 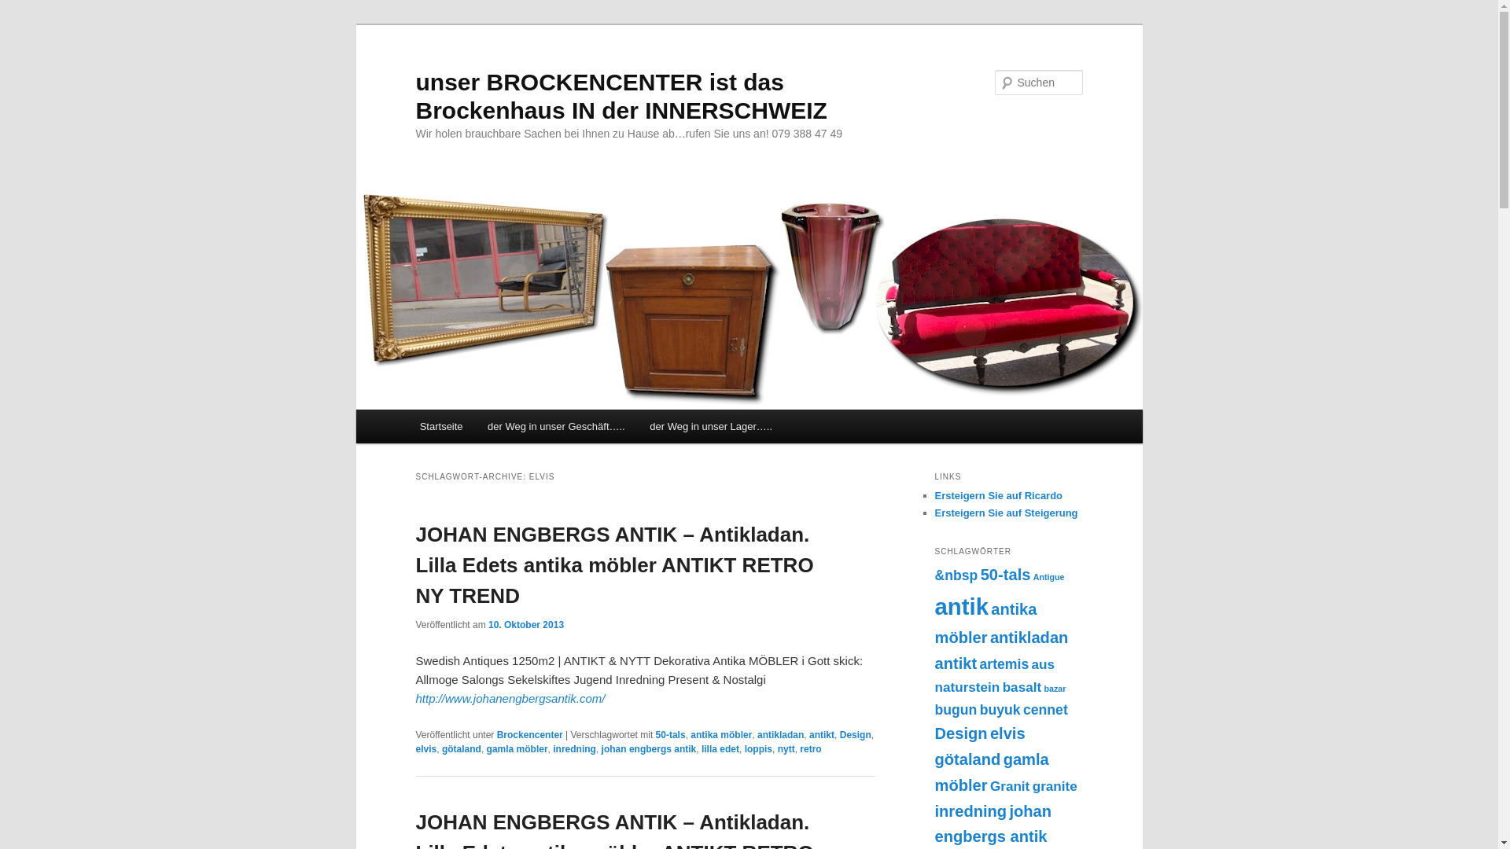 I want to click on 'aus naturstein', so click(x=993, y=674).